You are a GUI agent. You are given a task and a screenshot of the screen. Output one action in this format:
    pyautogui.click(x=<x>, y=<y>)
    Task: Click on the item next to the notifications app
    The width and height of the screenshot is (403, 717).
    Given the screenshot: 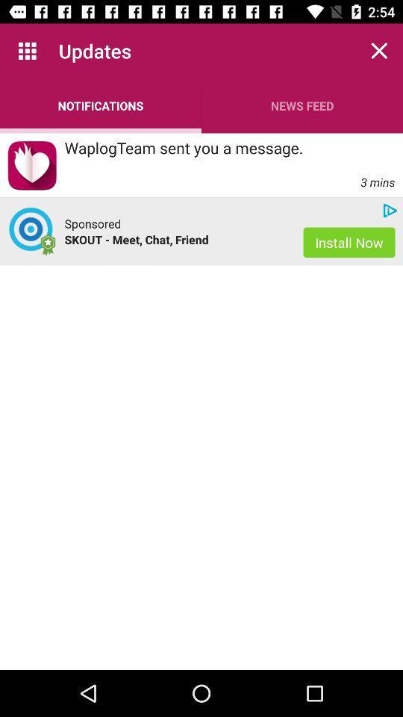 What is the action you would take?
    pyautogui.click(x=302, y=105)
    